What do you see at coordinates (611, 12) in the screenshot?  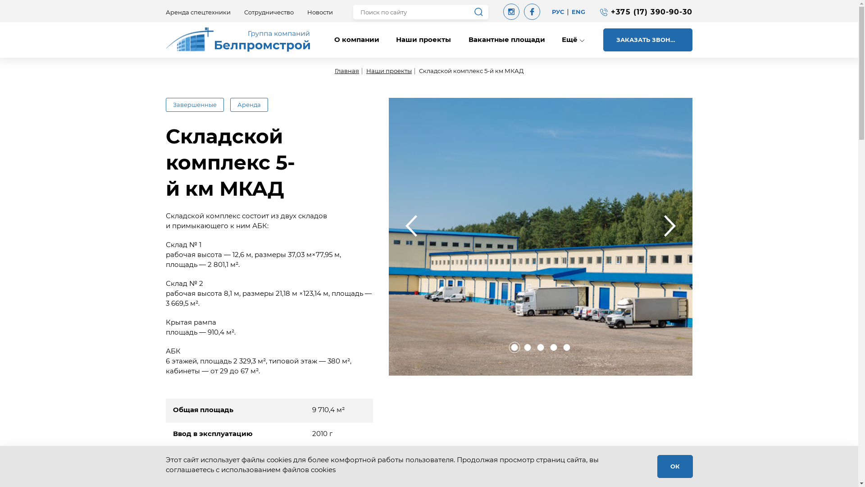 I see `'+375 (17) 390-90-30'` at bounding box center [611, 12].